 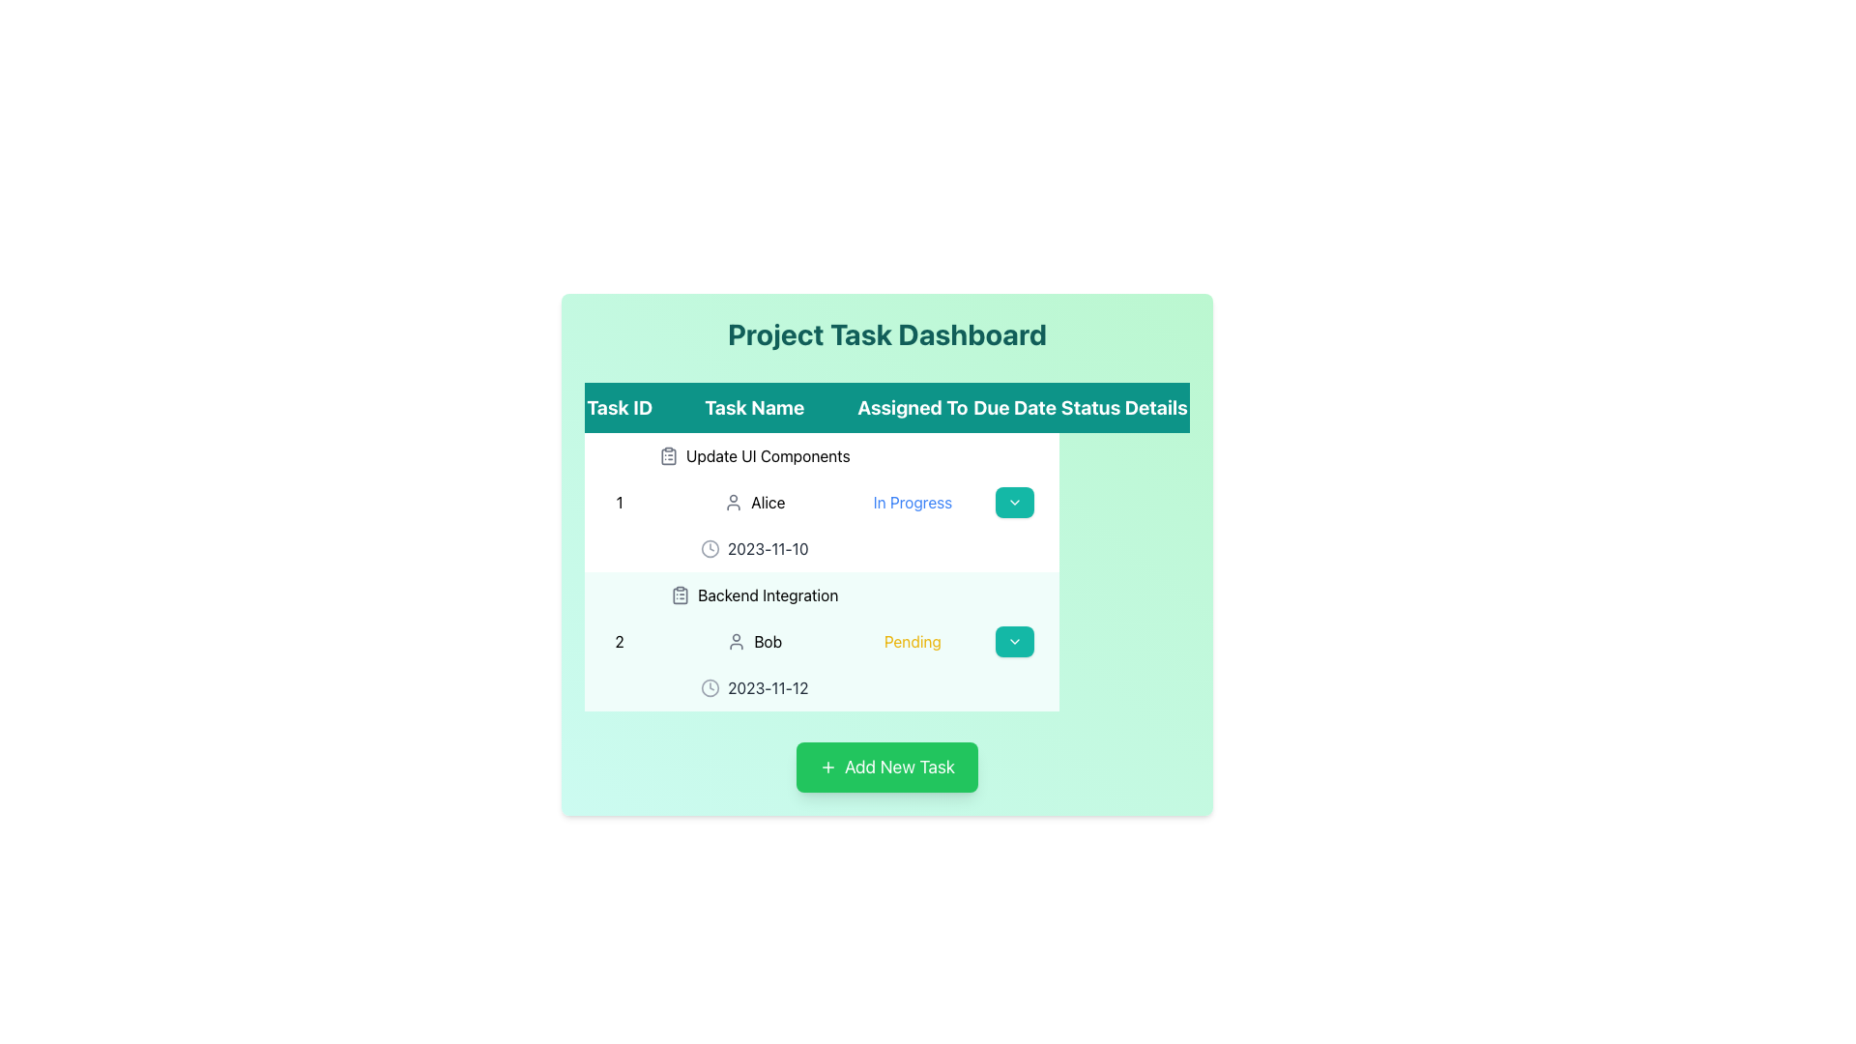 I want to click on the user profile icon located in the second row of the task table under the 'Assigned To' column, which is directly left of the text 'Bob', so click(x=736, y=641).